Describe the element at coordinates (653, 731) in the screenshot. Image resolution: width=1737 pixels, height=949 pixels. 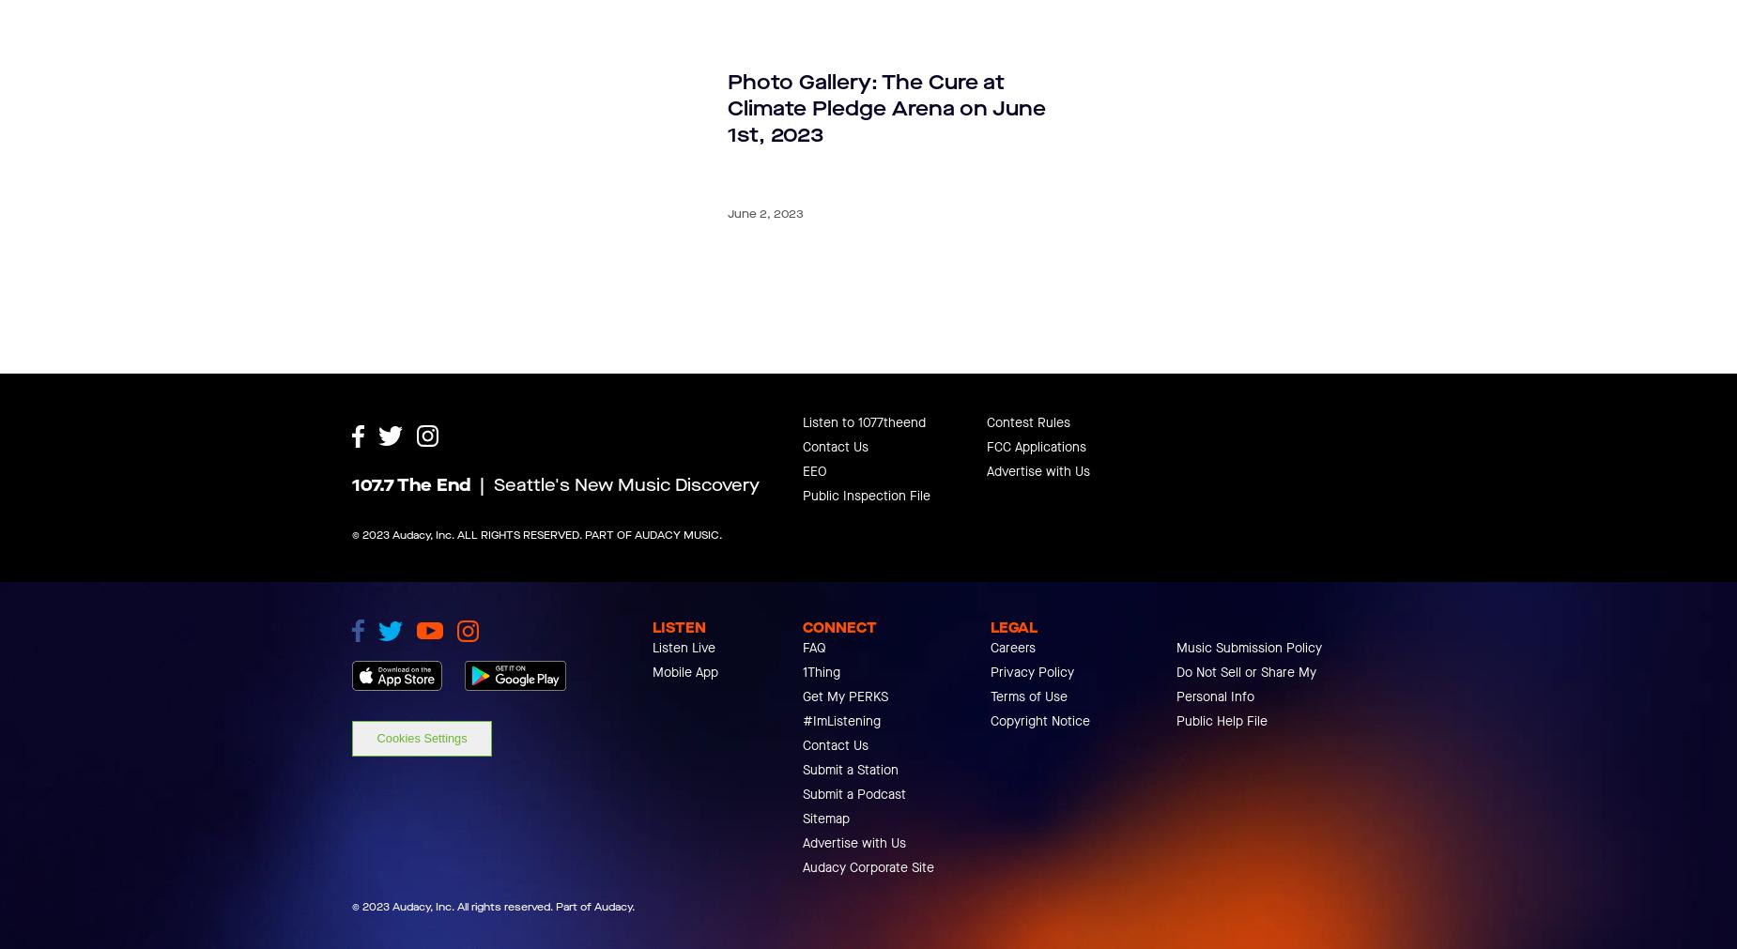
I see `'Listen Live'` at that location.